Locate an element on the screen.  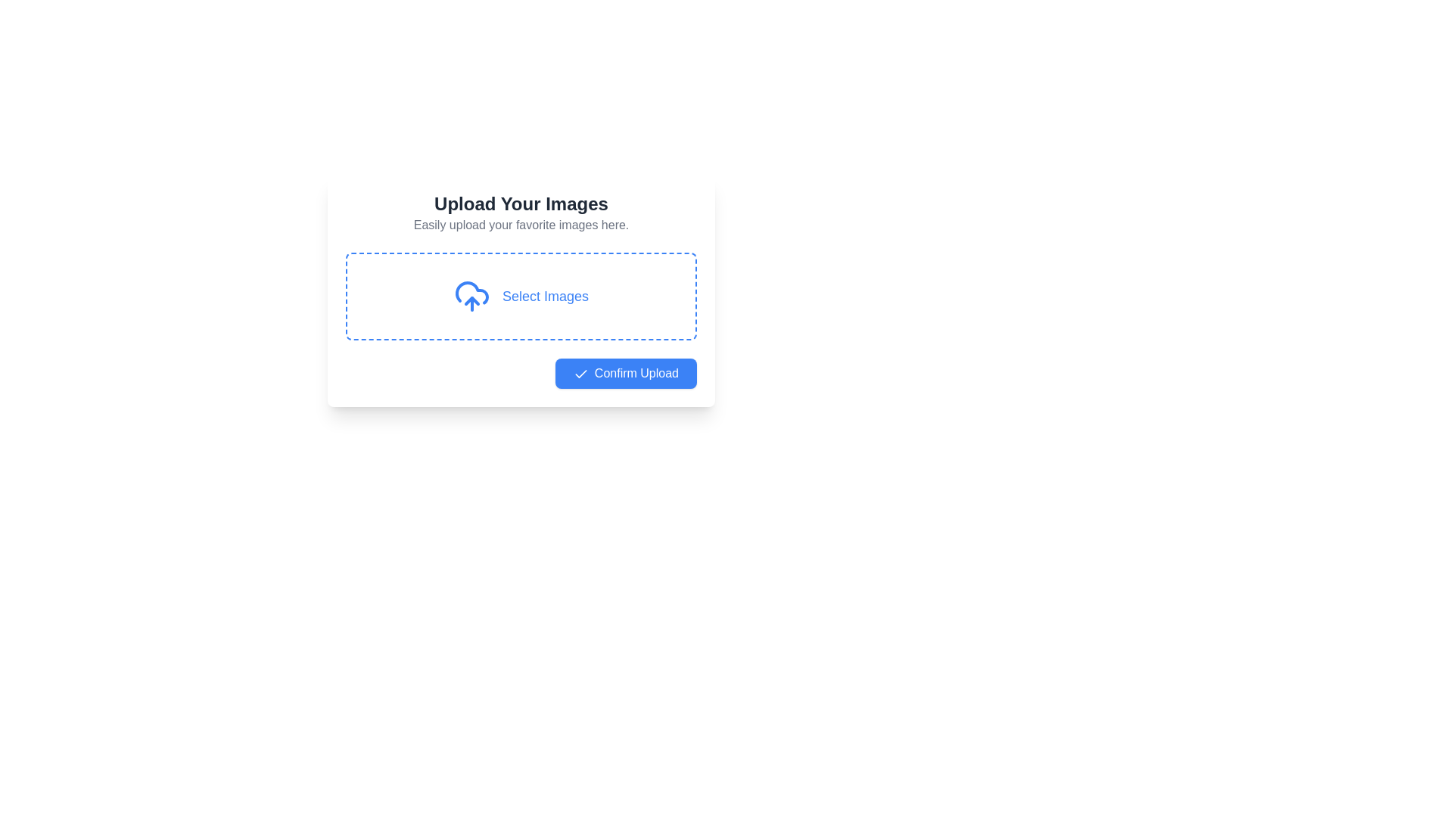
the label text that instructs users to select files for upload, positioned to the right of a cloud upload icon within a bordered and rounded rectangular dropzone is located at coordinates (545, 297).